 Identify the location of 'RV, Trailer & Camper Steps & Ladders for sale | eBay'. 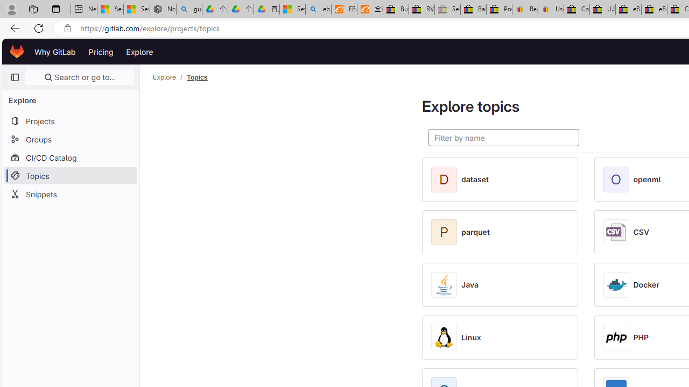
(421, 9).